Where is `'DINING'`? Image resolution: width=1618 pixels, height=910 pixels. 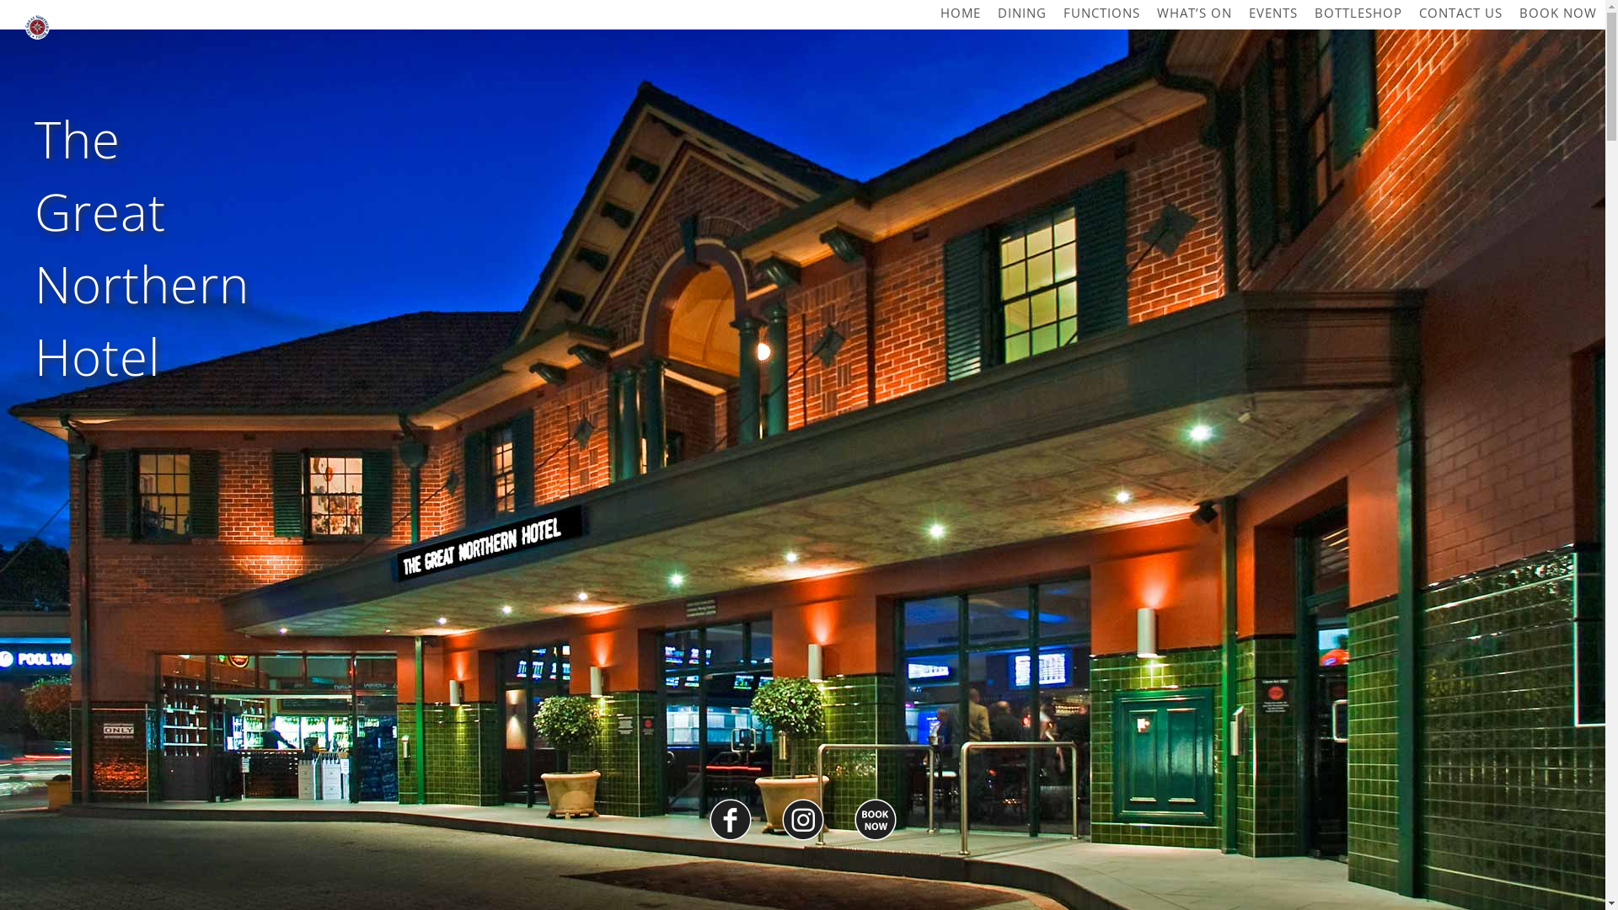
'DINING' is located at coordinates (1021, 13).